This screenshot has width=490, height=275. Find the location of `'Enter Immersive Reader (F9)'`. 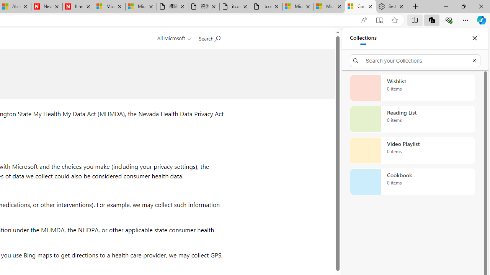

'Enter Immersive Reader (F9)' is located at coordinates (379, 20).